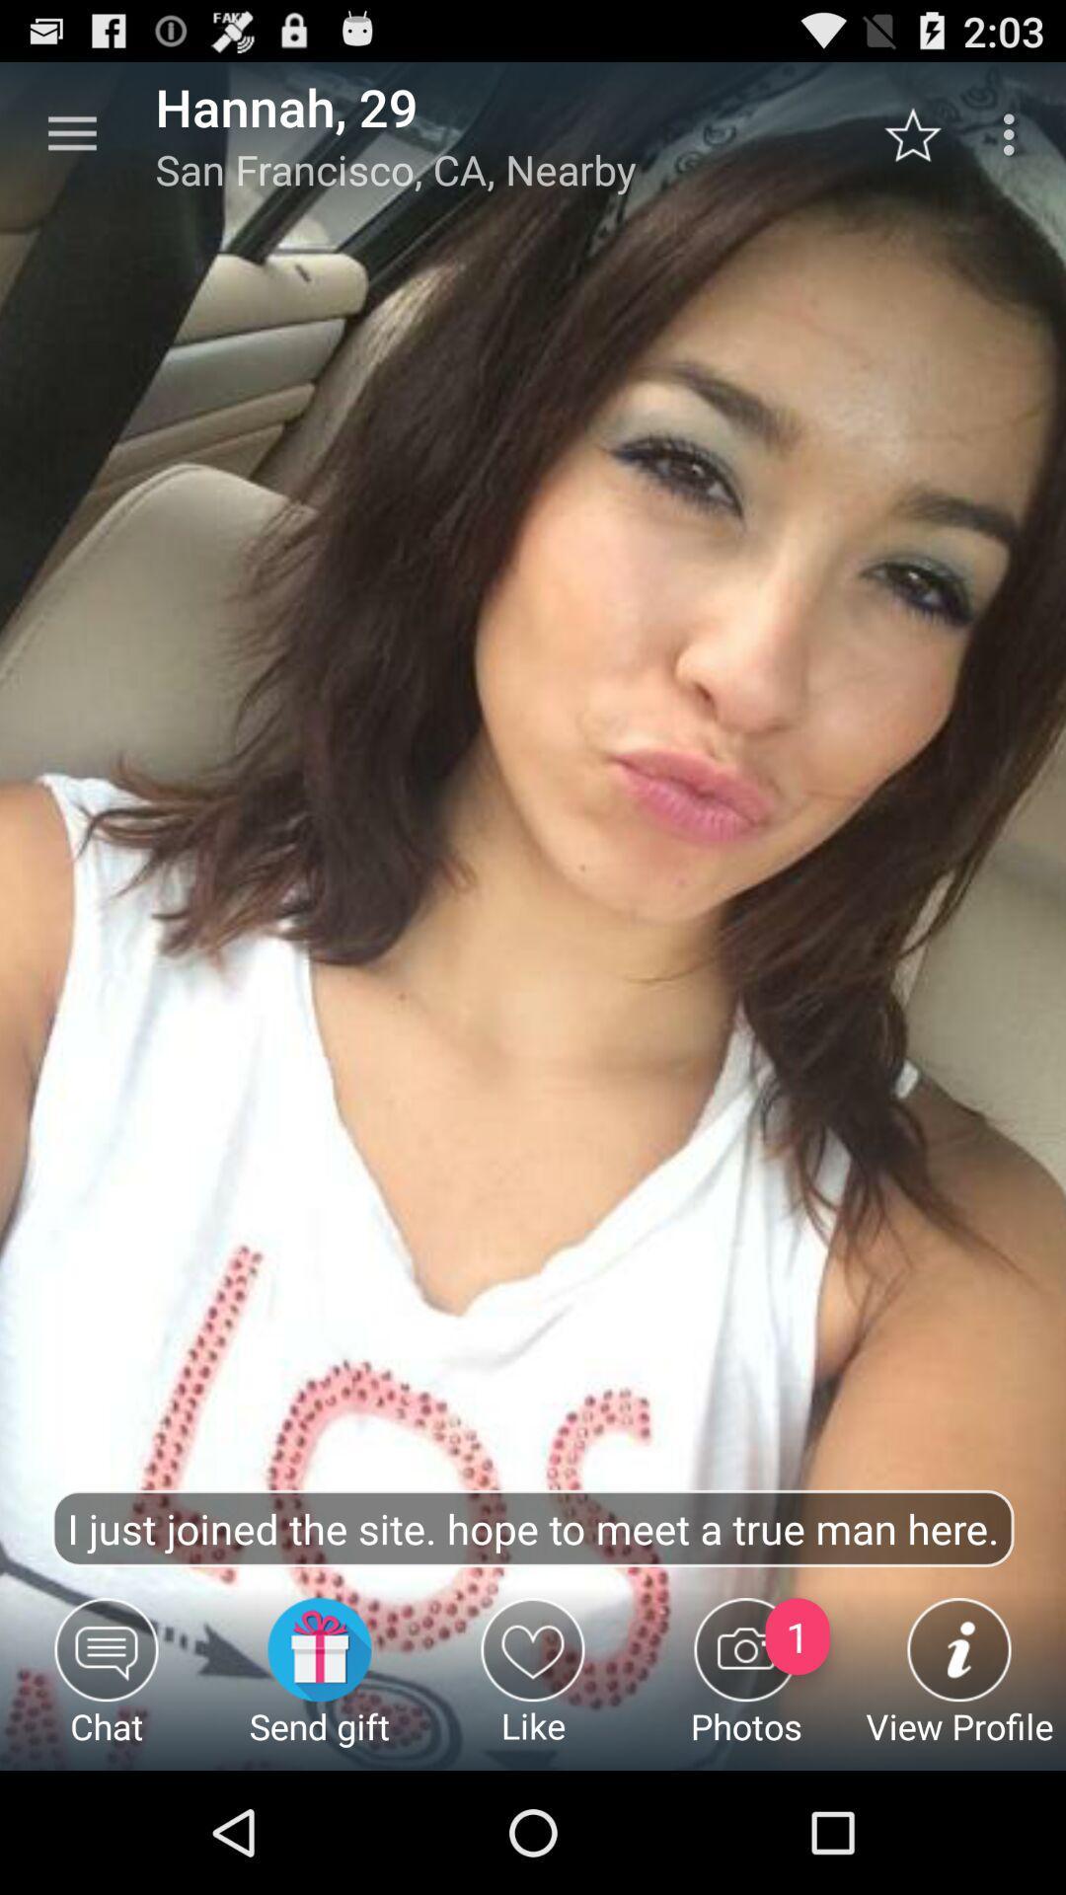  I want to click on icon to the left of the hannah, 29 app, so click(71, 133).